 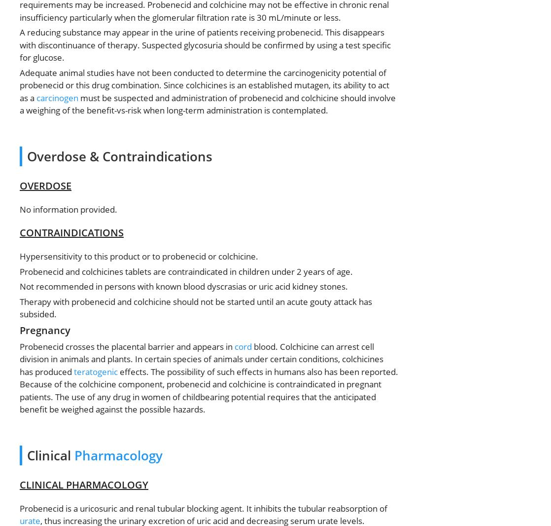 What do you see at coordinates (20, 44) in the screenshot?
I see `'A reducing substance may appear in the urine of patients receiving probenecid.
  This disappears with discontinuance of therapy. Suspected glycosuria should
  be confirmed by using a test specific for glucose.'` at bounding box center [20, 44].